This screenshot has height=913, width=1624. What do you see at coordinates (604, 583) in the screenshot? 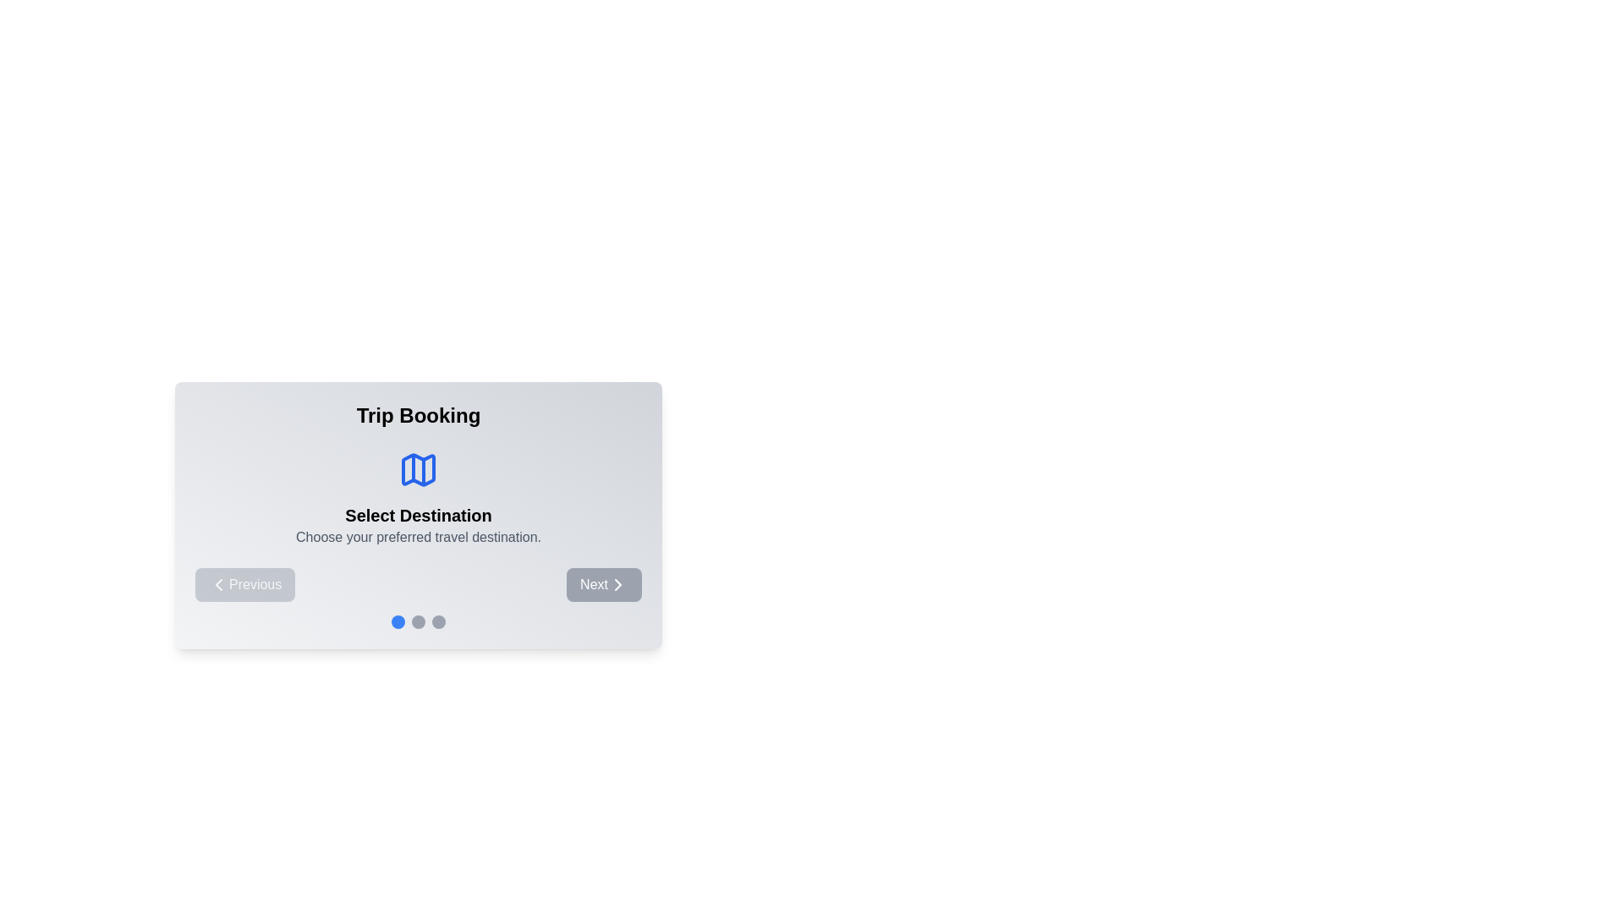
I see `the 'Next' button in the navigation bar at the bottom of the dialog box` at bounding box center [604, 583].